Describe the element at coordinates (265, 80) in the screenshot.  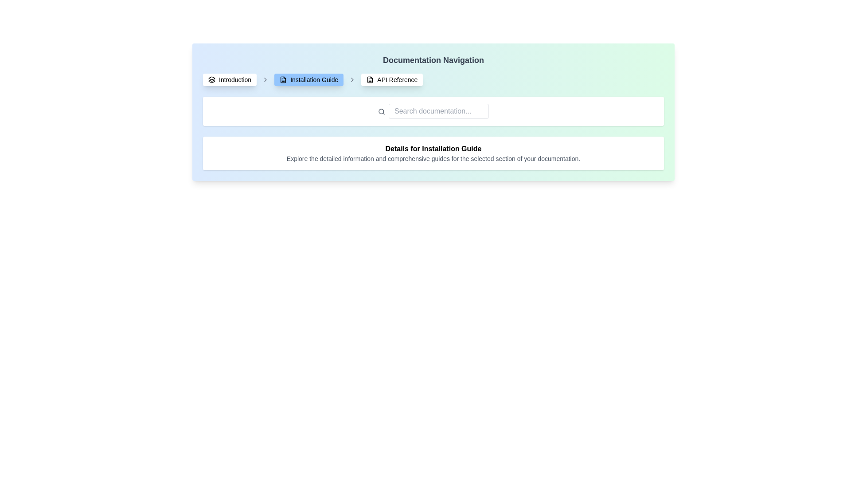
I see `the right-direction chevron icon with a gray outline positioned between the 'Introduction' and 'Installation Guide' navigation buttons` at that location.